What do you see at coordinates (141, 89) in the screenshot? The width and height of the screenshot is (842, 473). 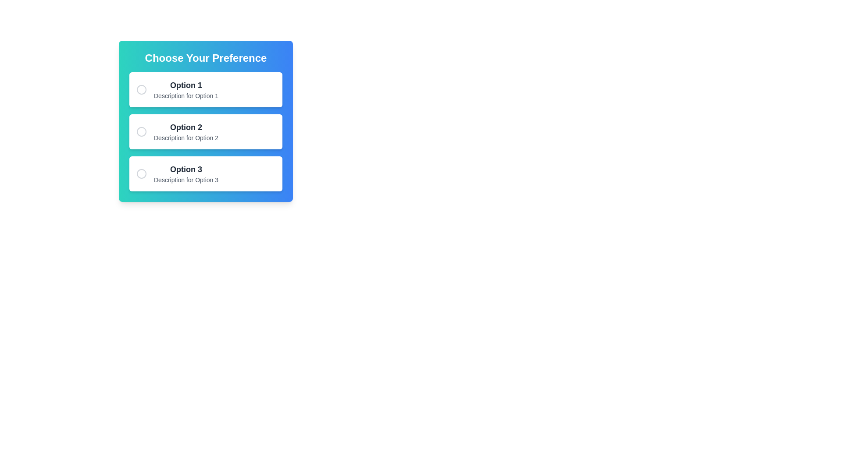 I see `the radio button for 'Option 1'` at bounding box center [141, 89].